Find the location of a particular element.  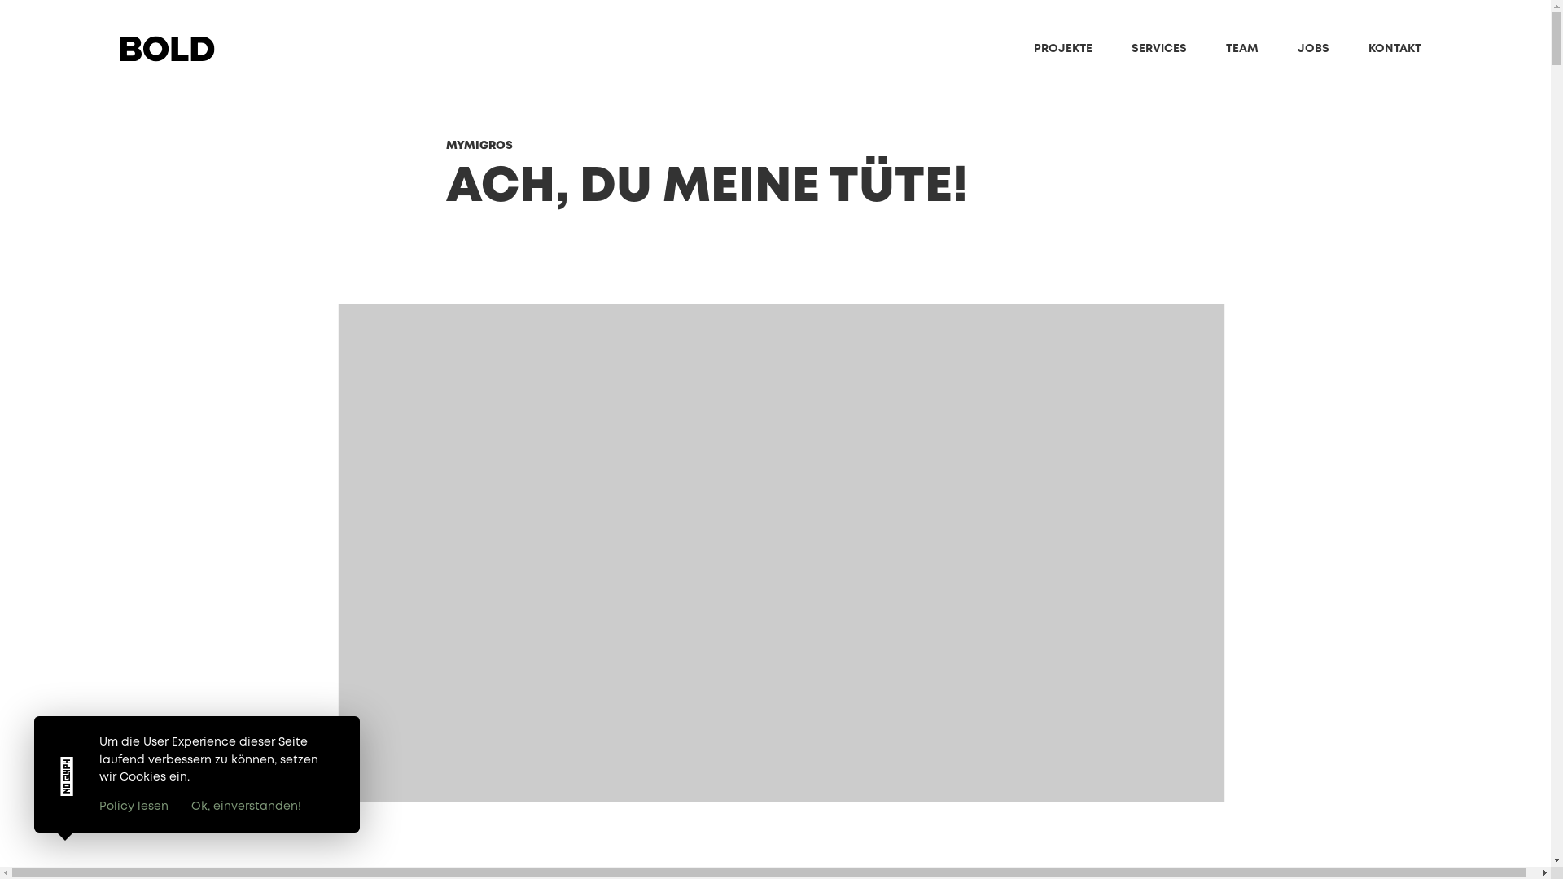

'JOBS' is located at coordinates (1296, 48).